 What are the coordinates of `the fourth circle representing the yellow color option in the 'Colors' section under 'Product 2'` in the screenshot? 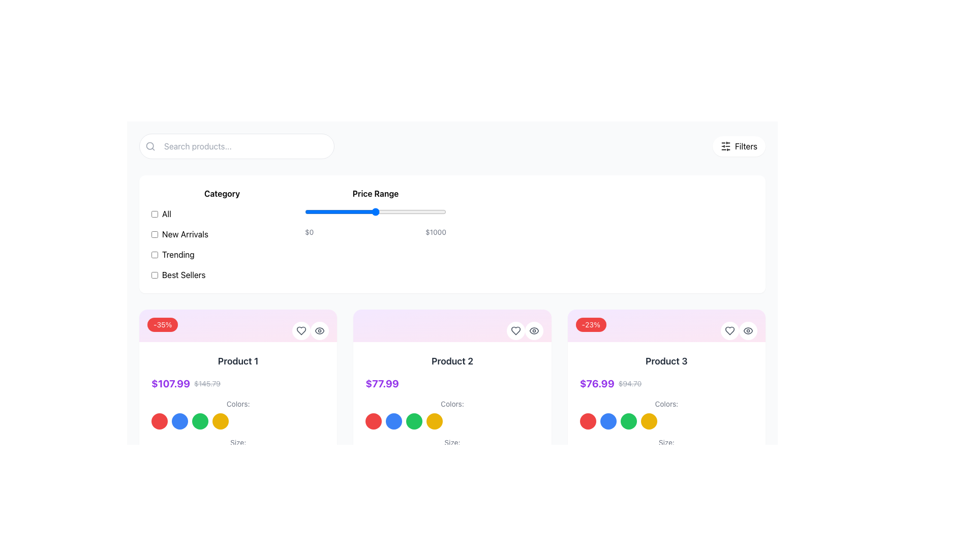 It's located at (435, 421).